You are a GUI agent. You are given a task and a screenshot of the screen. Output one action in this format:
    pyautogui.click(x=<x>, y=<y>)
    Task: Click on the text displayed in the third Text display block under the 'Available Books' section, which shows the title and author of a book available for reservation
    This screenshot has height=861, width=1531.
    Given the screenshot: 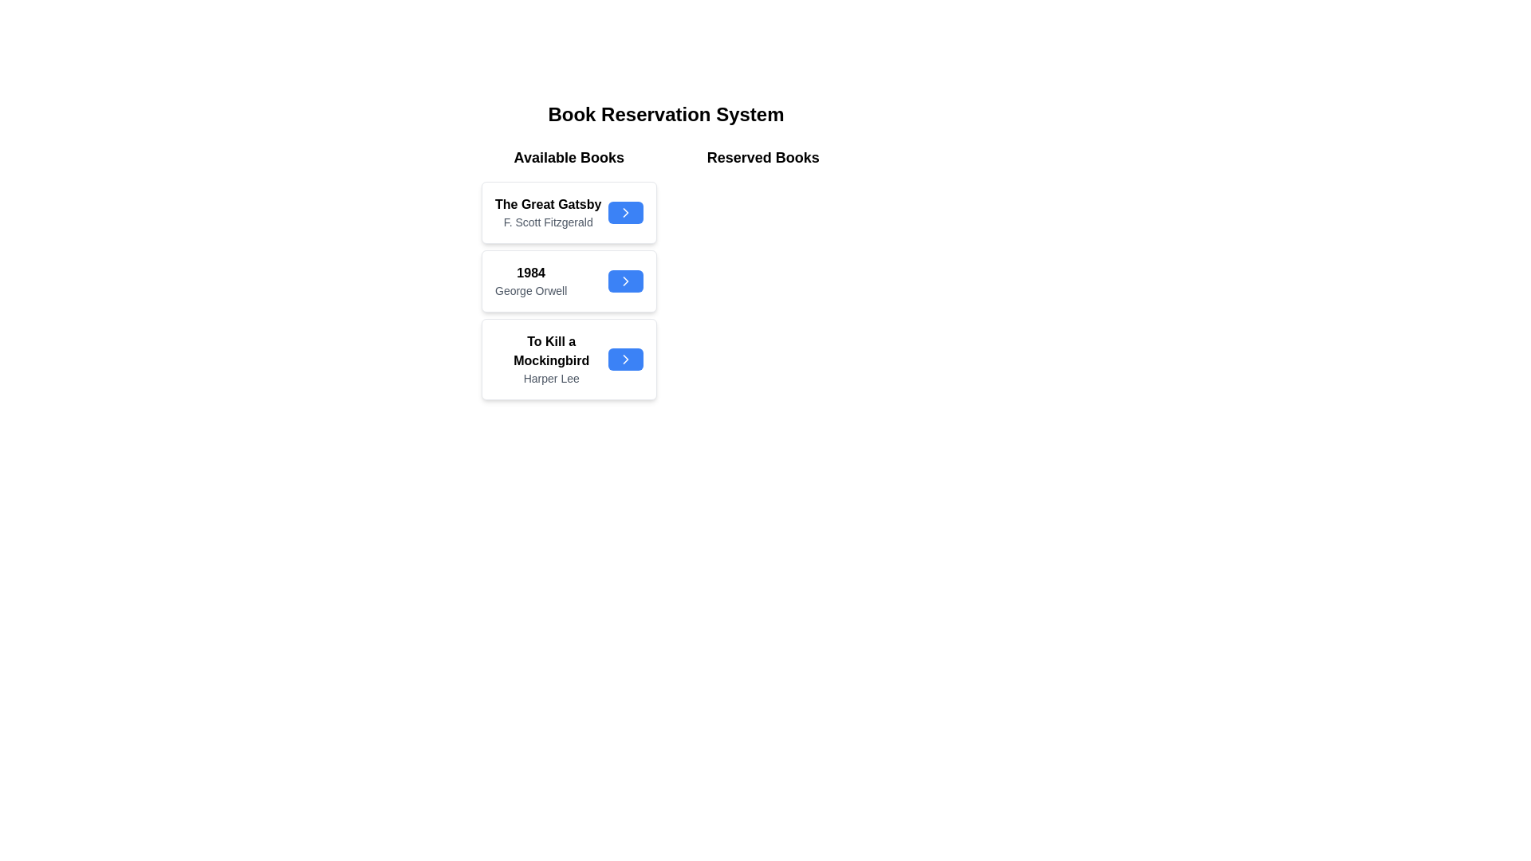 What is the action you would take?
    pyautogui.click(x=551, y=360)
    